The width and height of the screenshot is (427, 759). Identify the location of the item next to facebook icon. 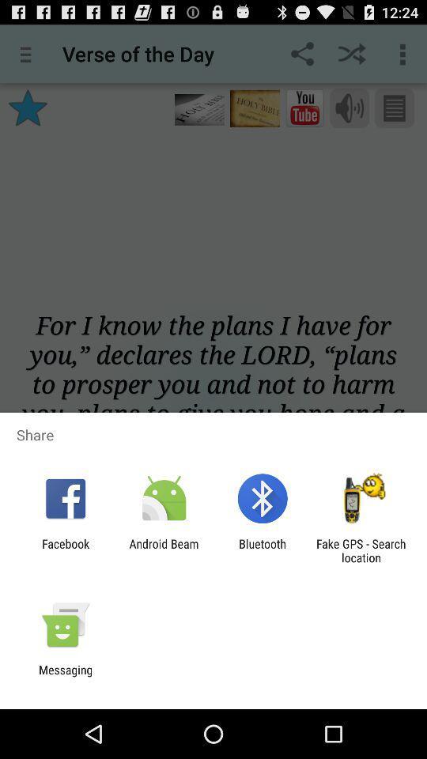
(163, 550).